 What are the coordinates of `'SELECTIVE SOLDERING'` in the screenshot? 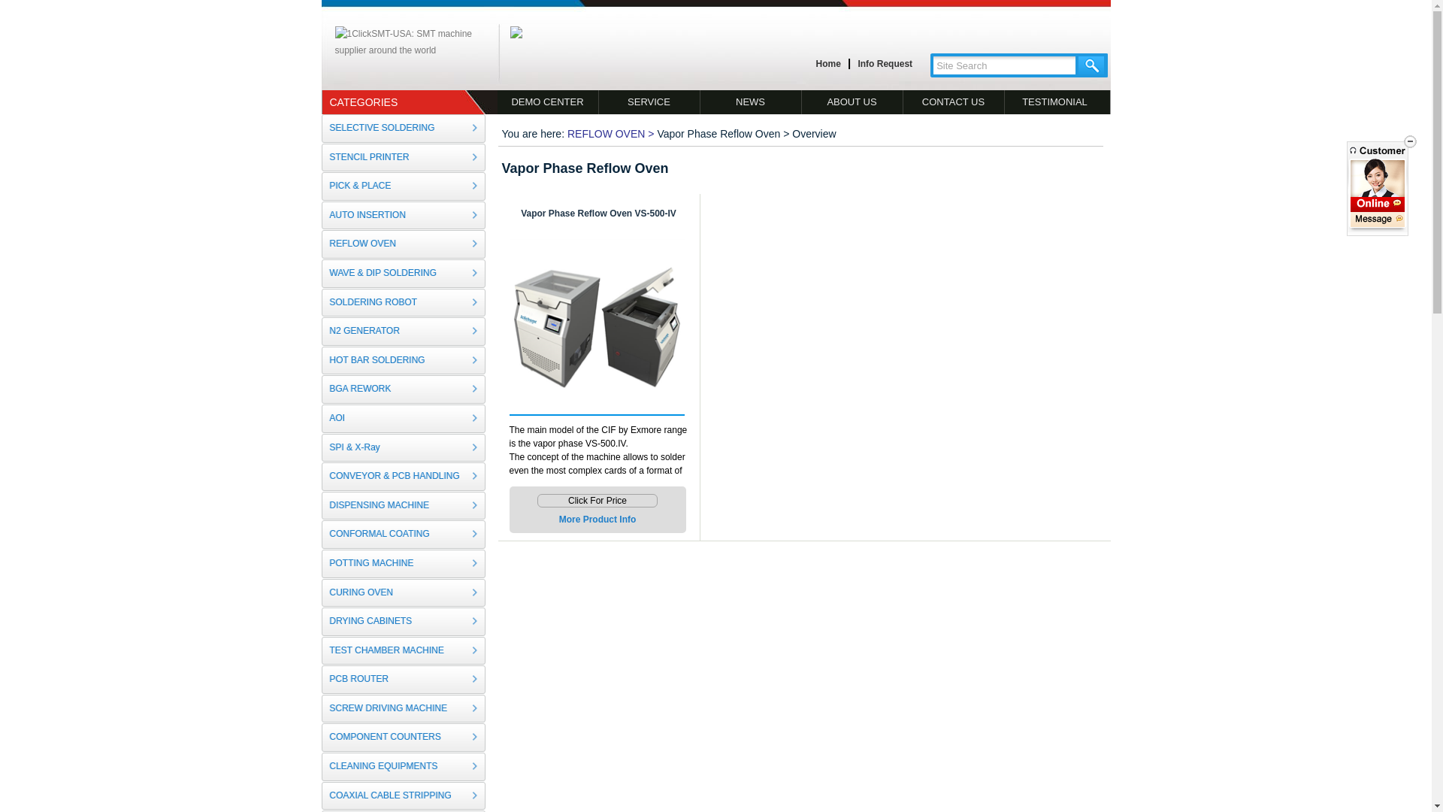 It's located at (404, 127).